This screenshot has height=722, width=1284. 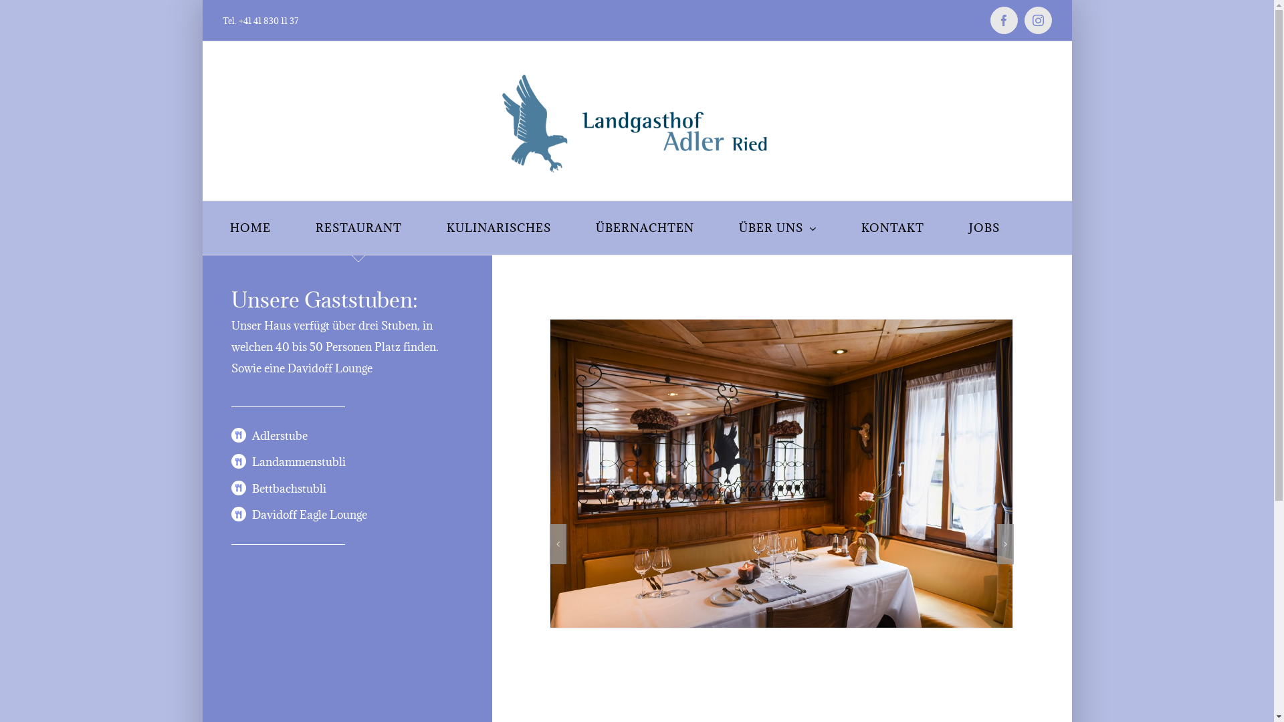 What do you see at coordinates (279, 435) in the screenshot?
I see `'Adlerstube'` at bounding box center [279, 435].